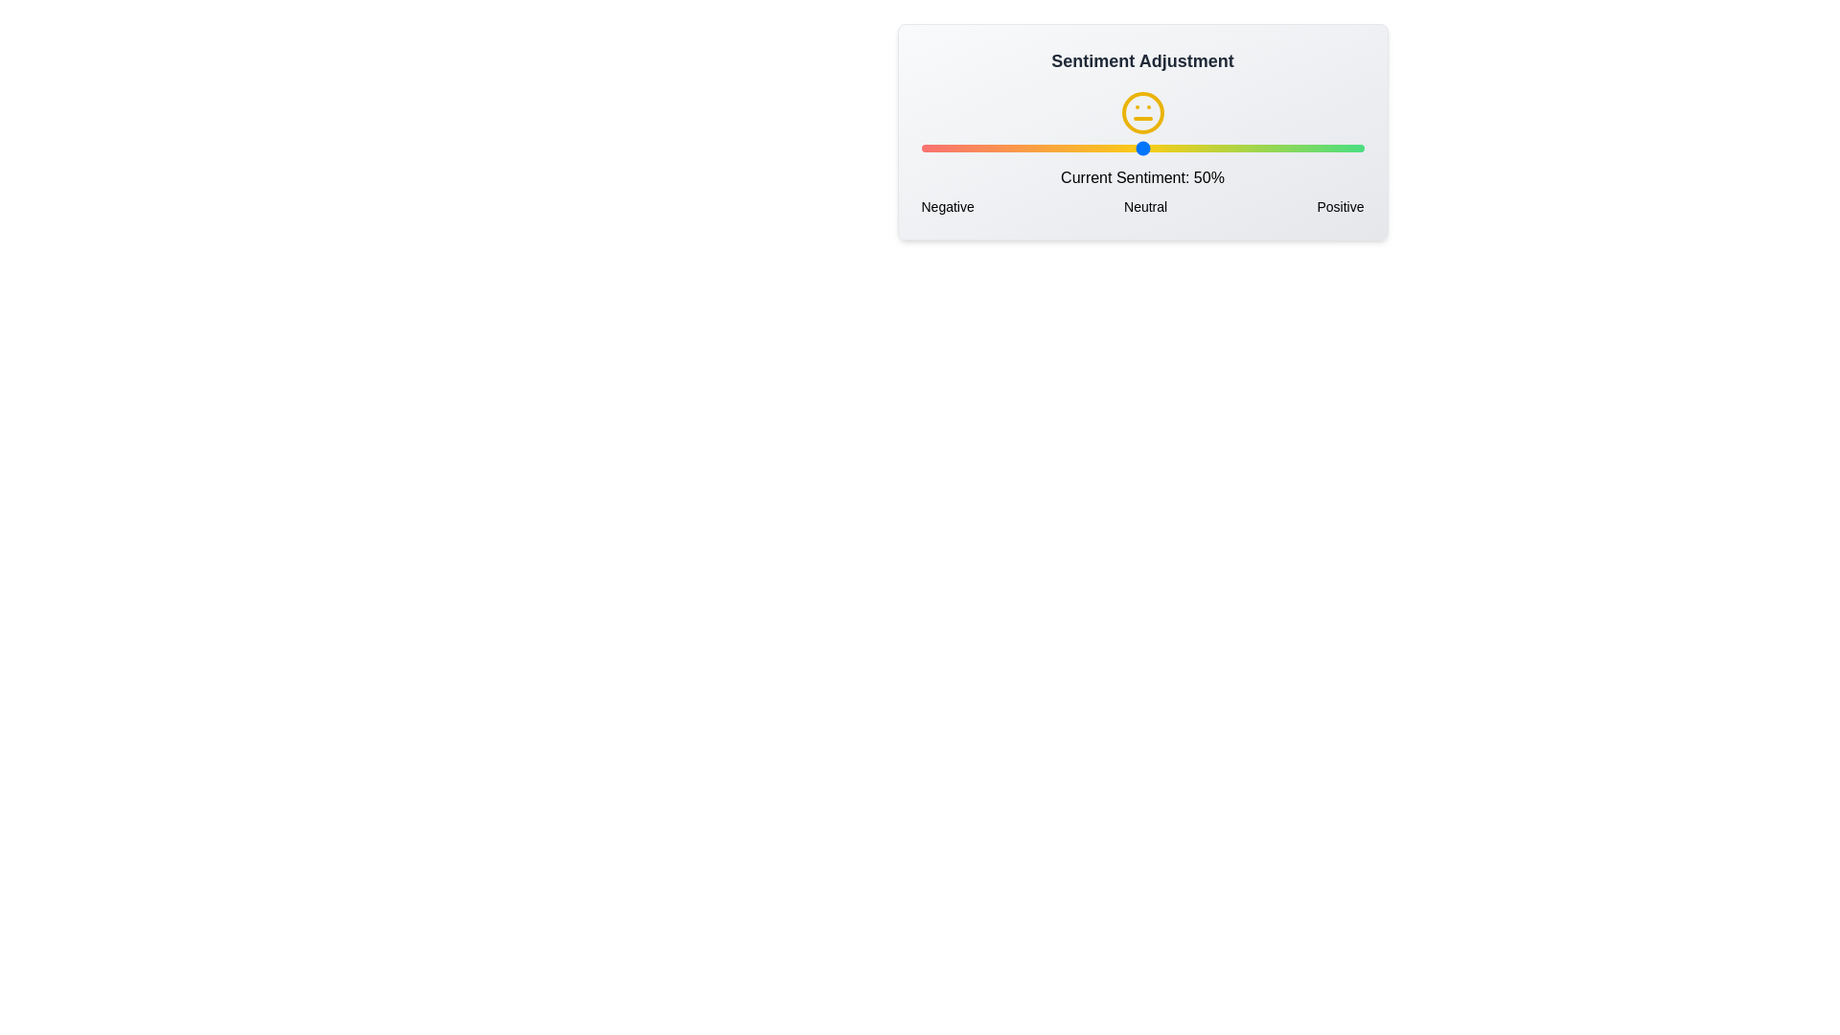  I want to click on the sentiment slider to 20%, so click(1008, 147).